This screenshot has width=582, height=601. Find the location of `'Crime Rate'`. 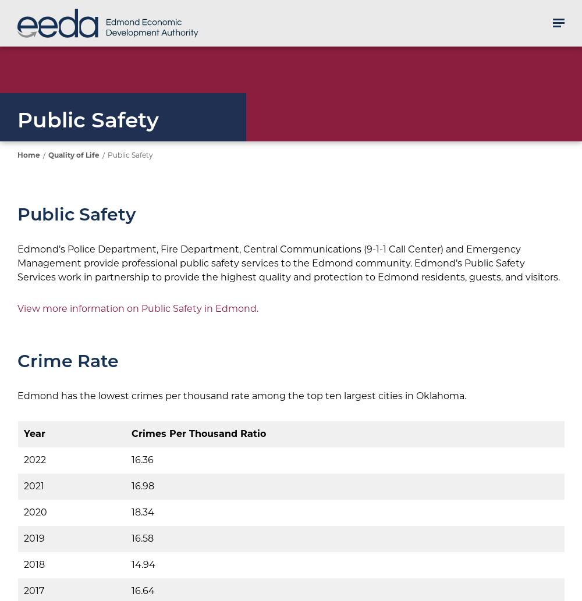

'Crime Rate' is located at coordinates (68, 360).